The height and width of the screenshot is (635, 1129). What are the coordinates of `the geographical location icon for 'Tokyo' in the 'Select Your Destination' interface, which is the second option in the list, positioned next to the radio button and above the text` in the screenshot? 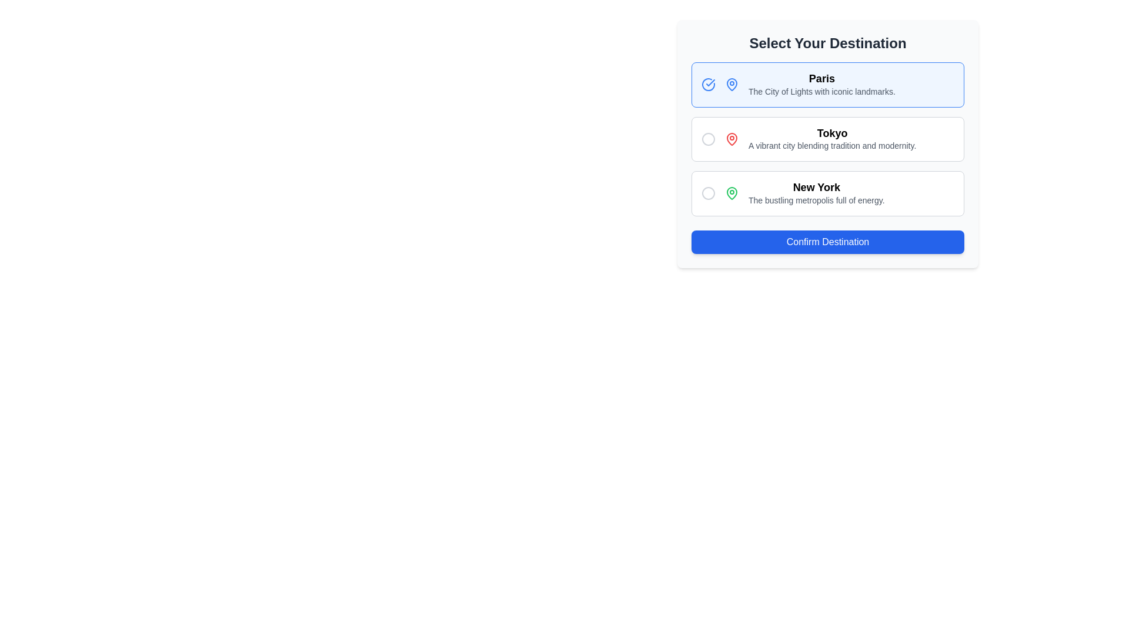 It's located at (731, 138).